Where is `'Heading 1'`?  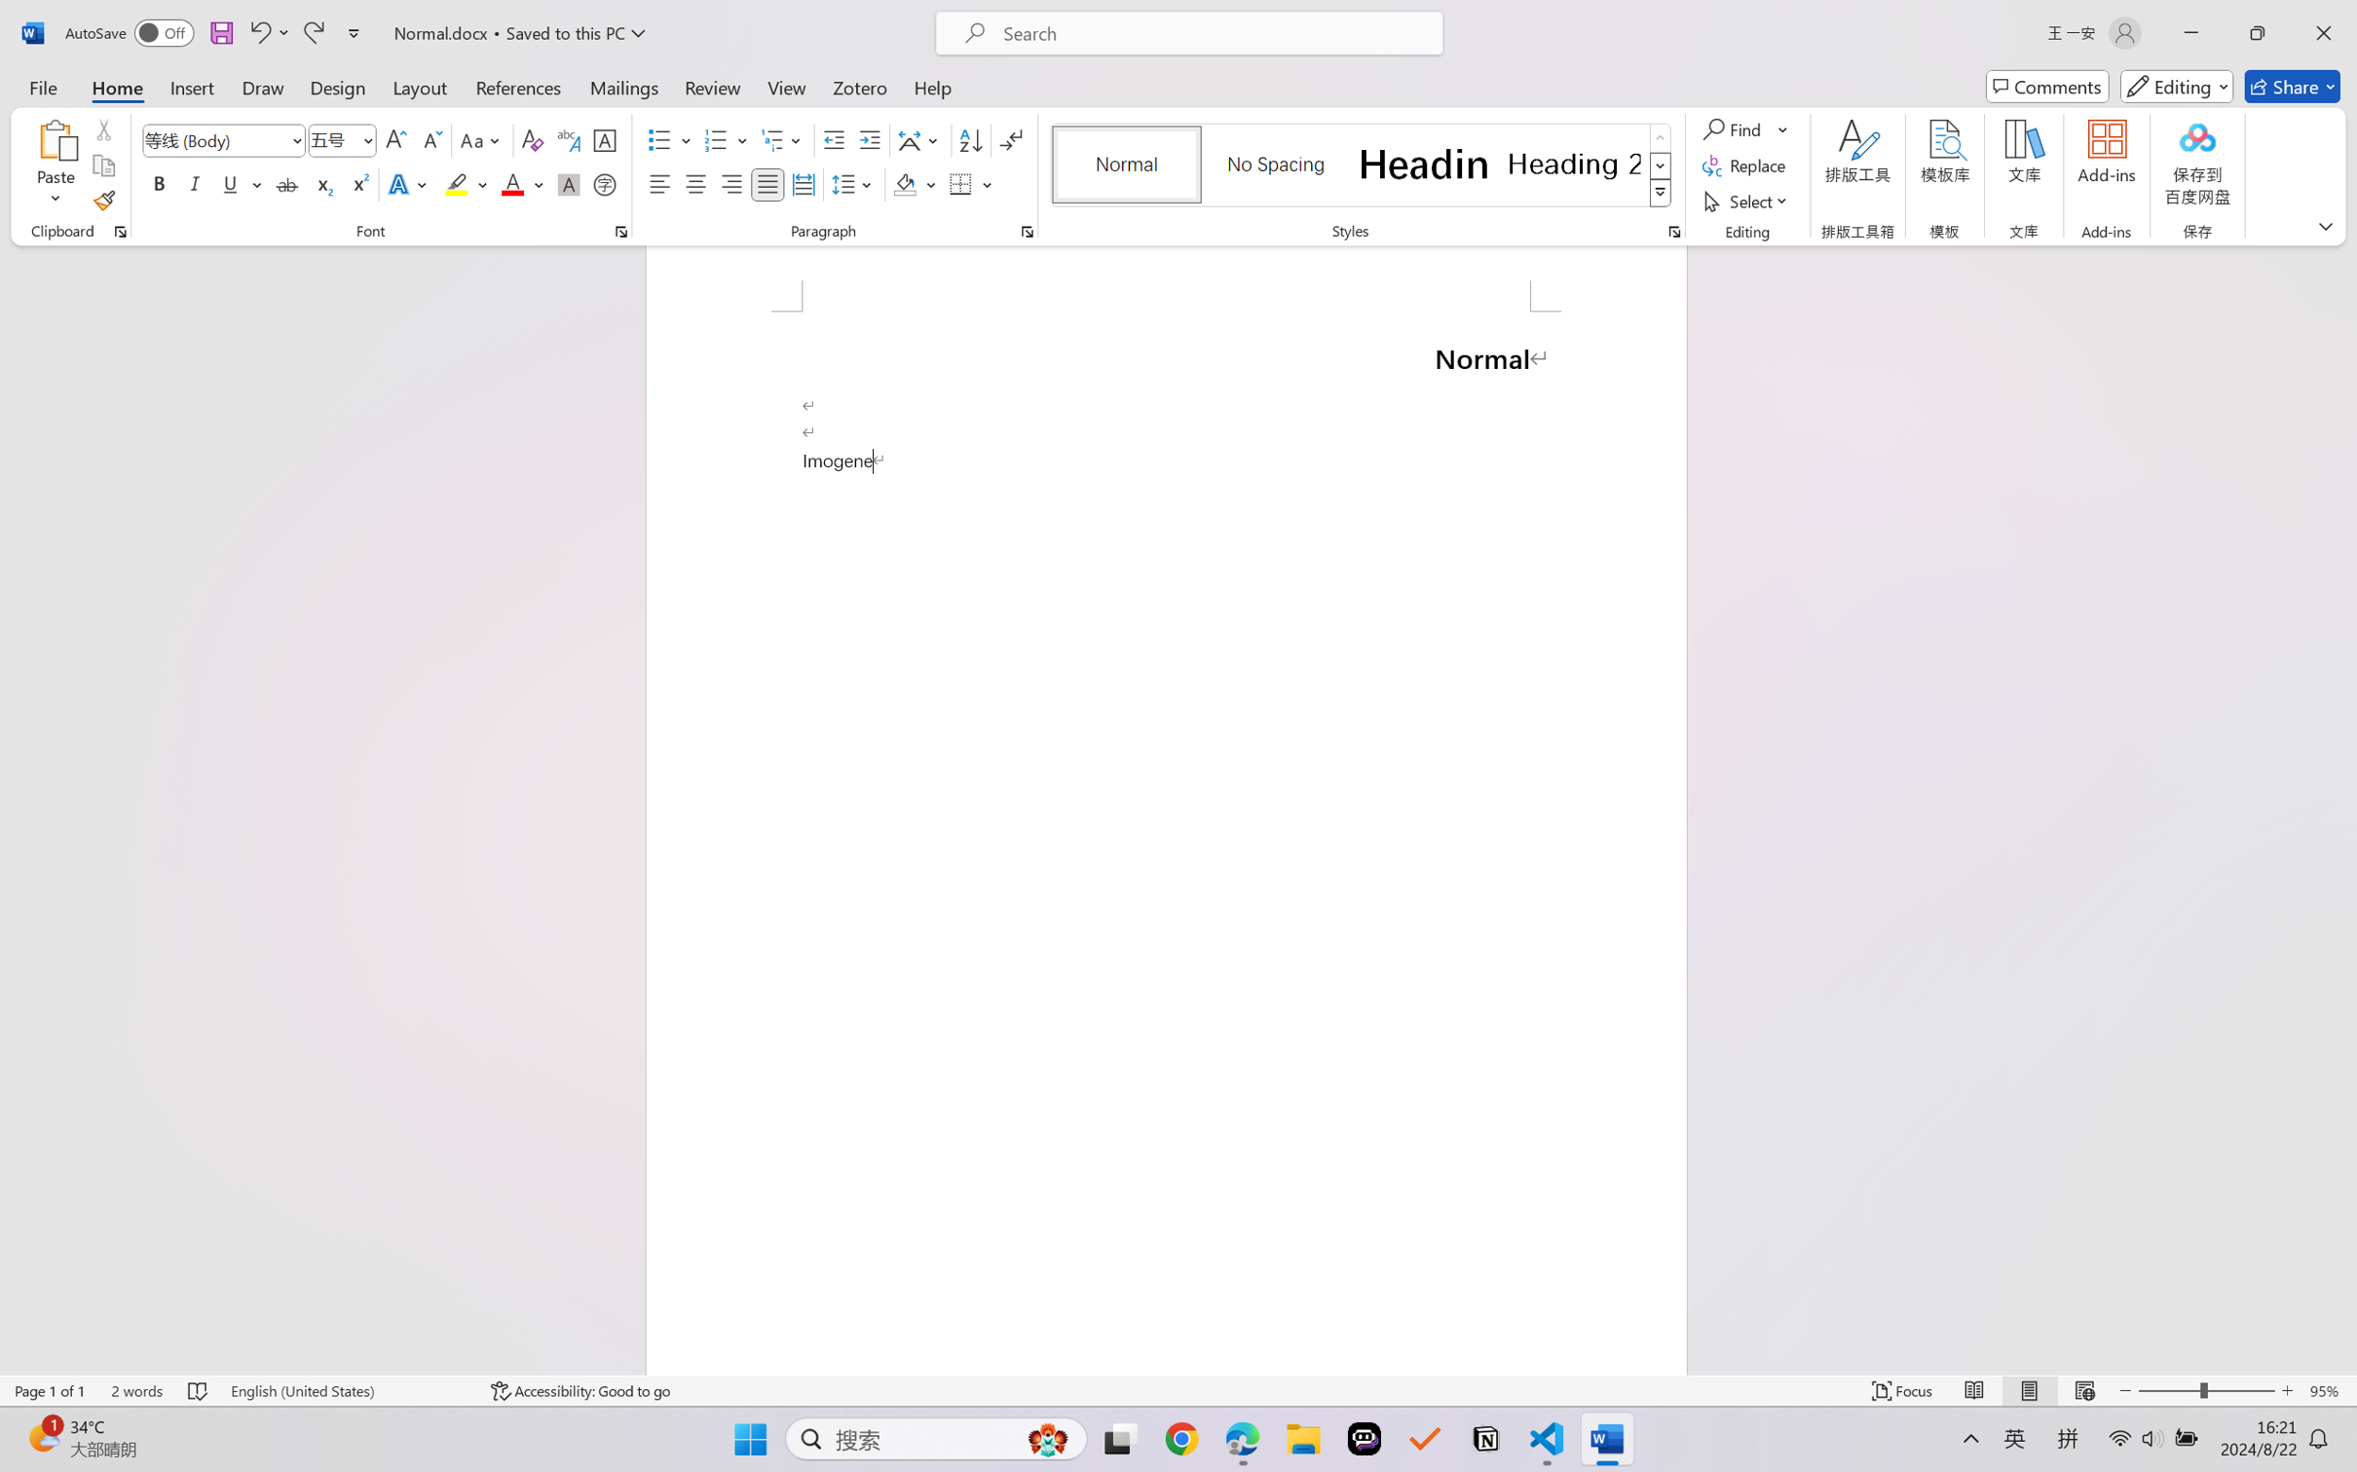
'Heading 1' is located at coordinates (1423, 164).